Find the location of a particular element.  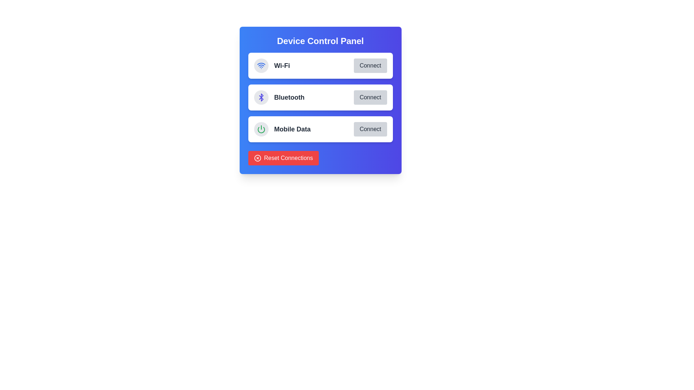

the 'Connect' button located in the top row of the Wi-Fi section is located at coordinates (370, 65).